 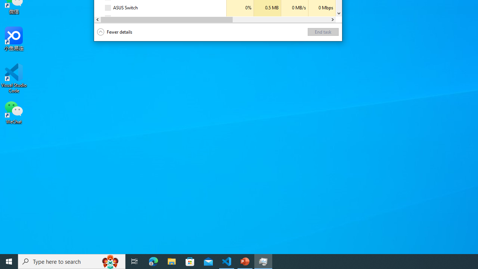 I want to click on 'Column left', so click(x=97, y=19).